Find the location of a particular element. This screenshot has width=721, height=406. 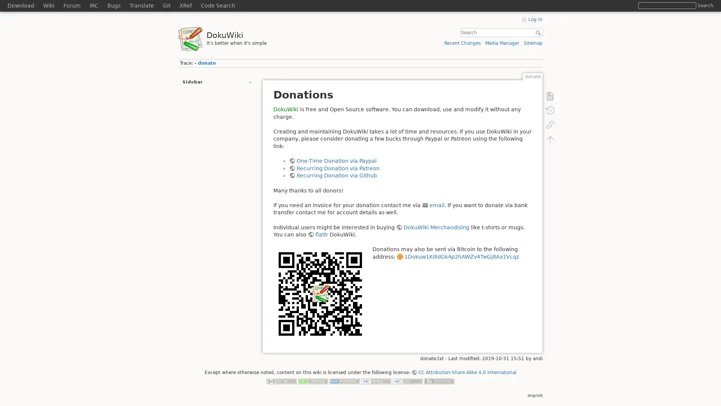

Search is located at coordinates (538, 32).